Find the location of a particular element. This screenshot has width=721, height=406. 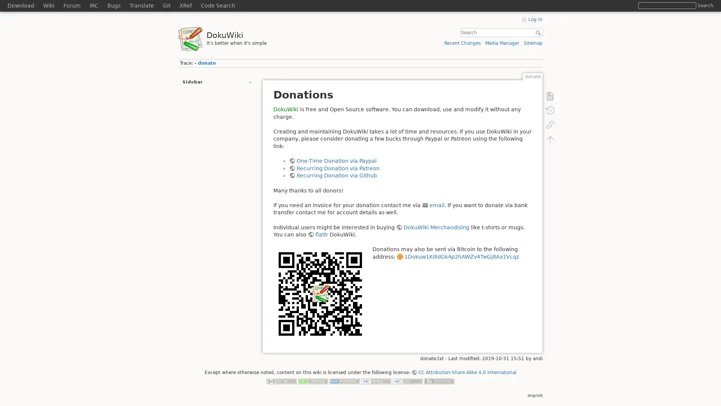

Search is located at coordinates (538, 32).